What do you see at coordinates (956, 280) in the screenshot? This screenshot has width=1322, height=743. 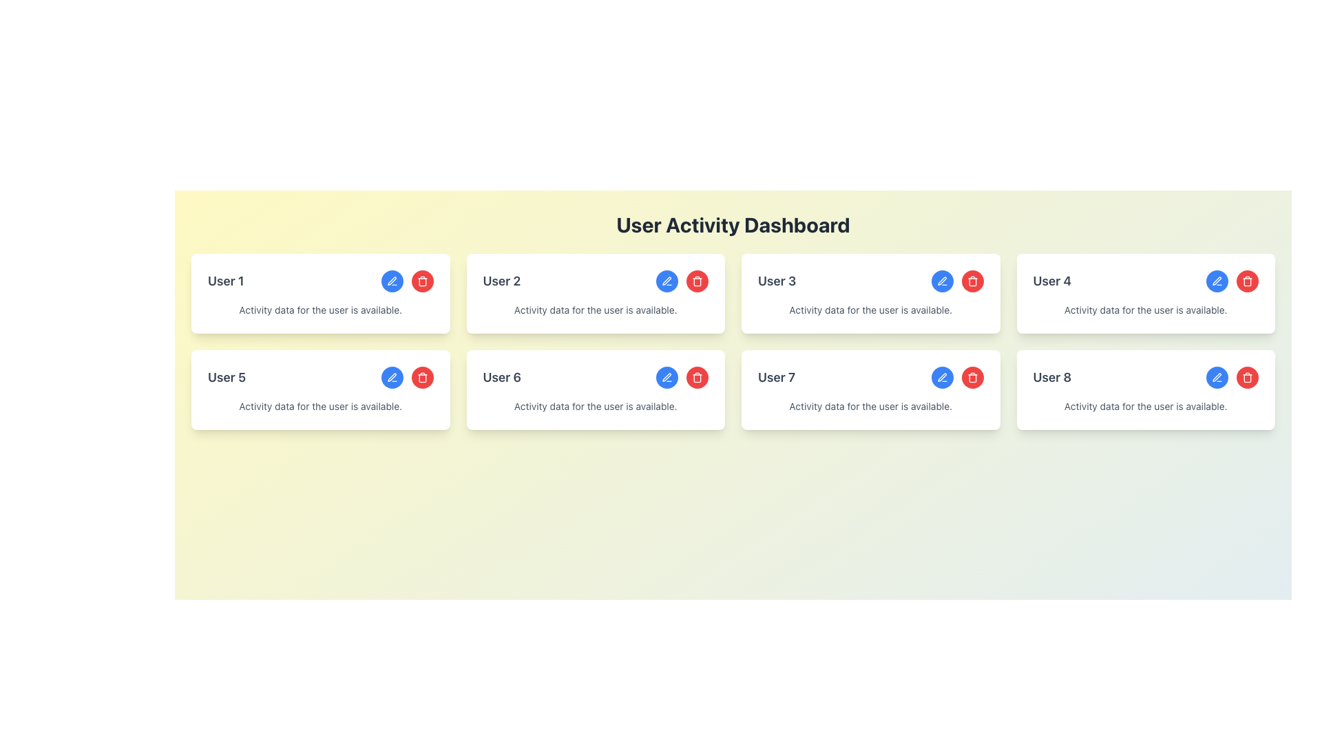 I see `the blue pen icon within the horizontal group of icons in the 'User 3' card section to initiate an edit action` at bounding box center [956, 280].